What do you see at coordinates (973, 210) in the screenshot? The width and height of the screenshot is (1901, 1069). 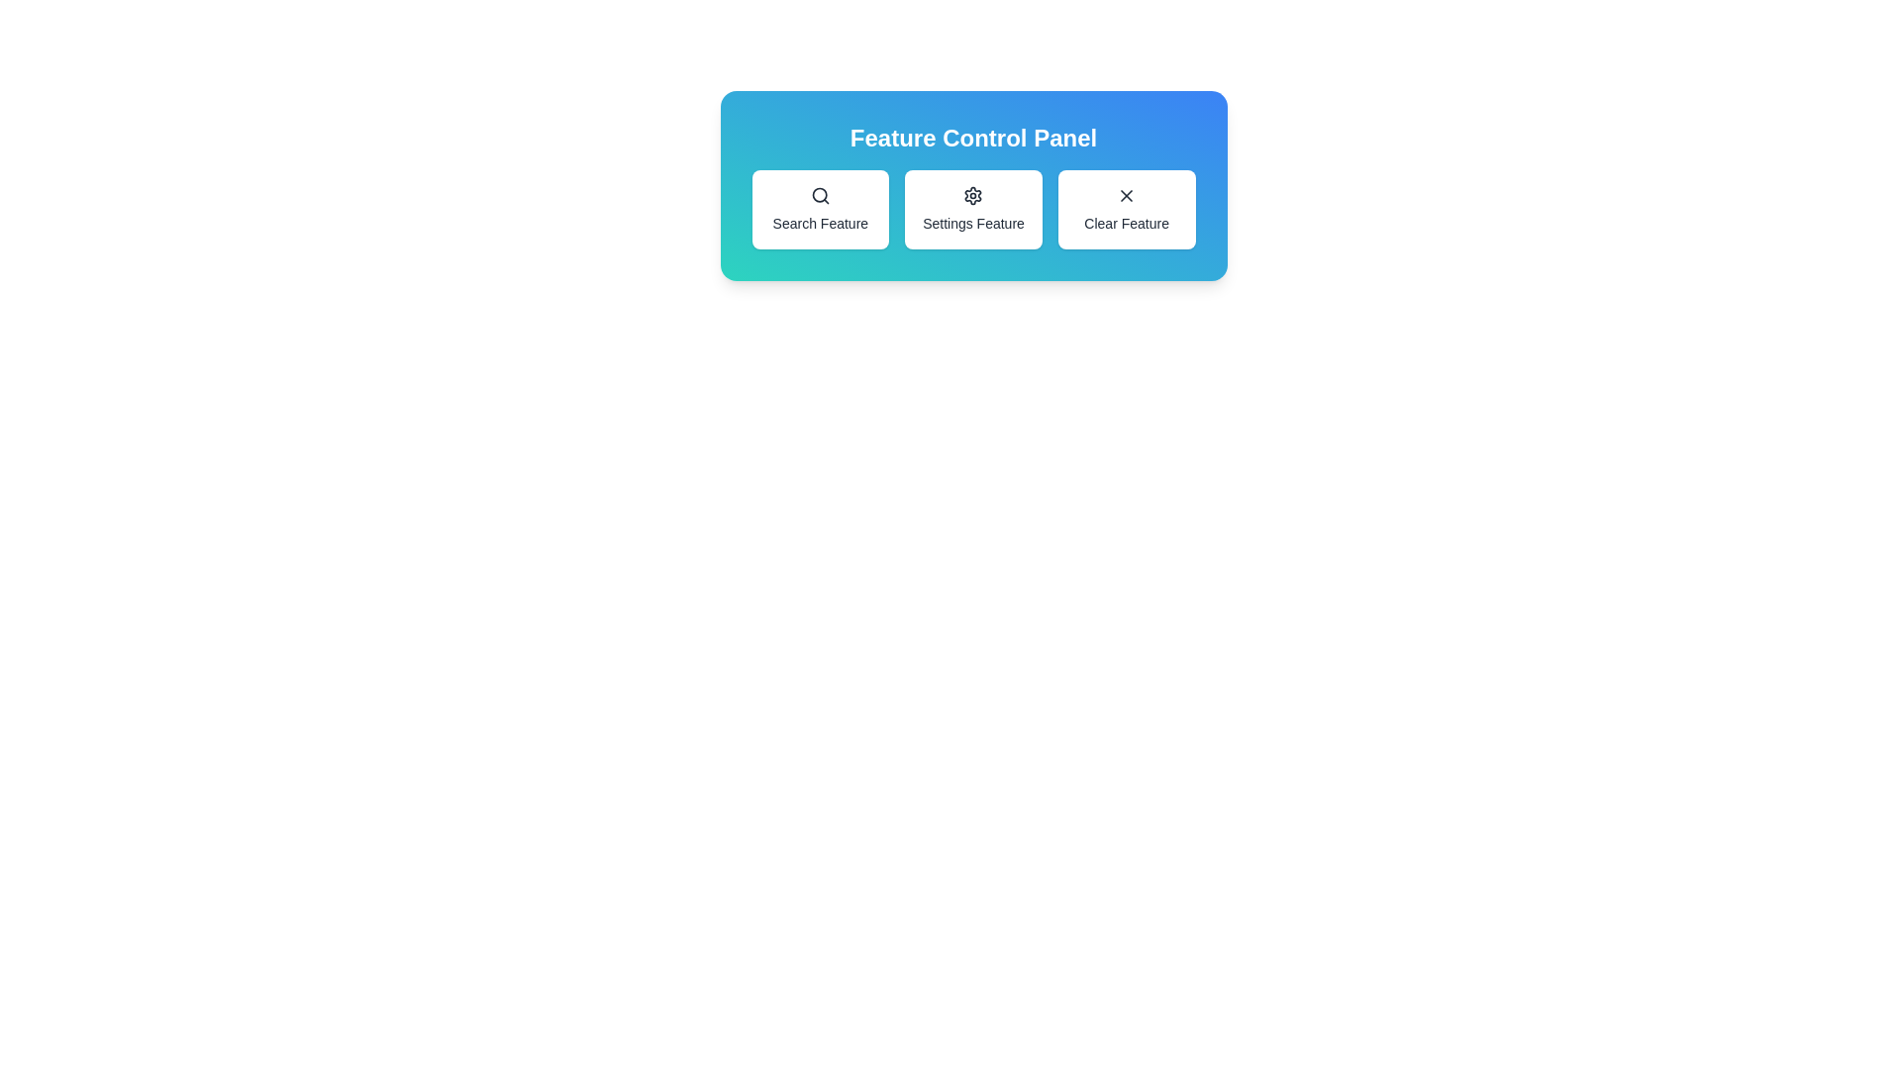 I see `the 'Settings Feature' button, which is a distinct rectangular card with a white background and a gear icon` at bounding box center [973, 210].